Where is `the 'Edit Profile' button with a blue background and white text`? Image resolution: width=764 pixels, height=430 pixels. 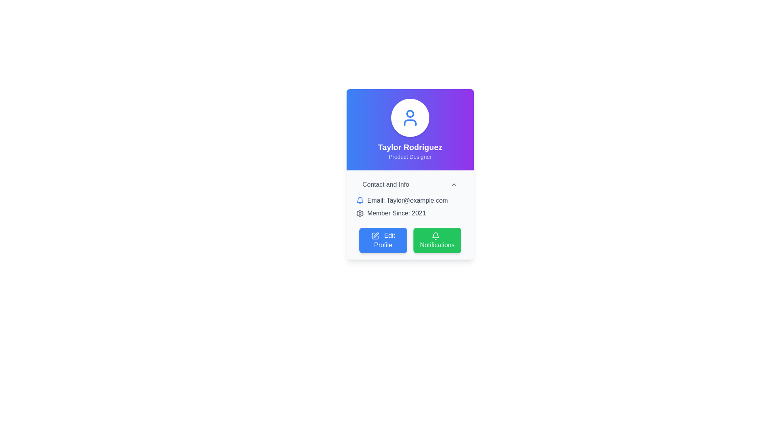 the 'Edit Profile' button with a blue background and white text is located at coordinates (383, 240).